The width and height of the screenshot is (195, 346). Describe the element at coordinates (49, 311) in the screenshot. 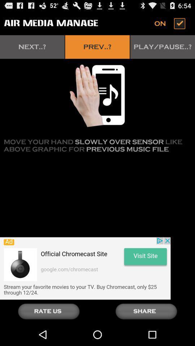

I see `rate page` at that location.